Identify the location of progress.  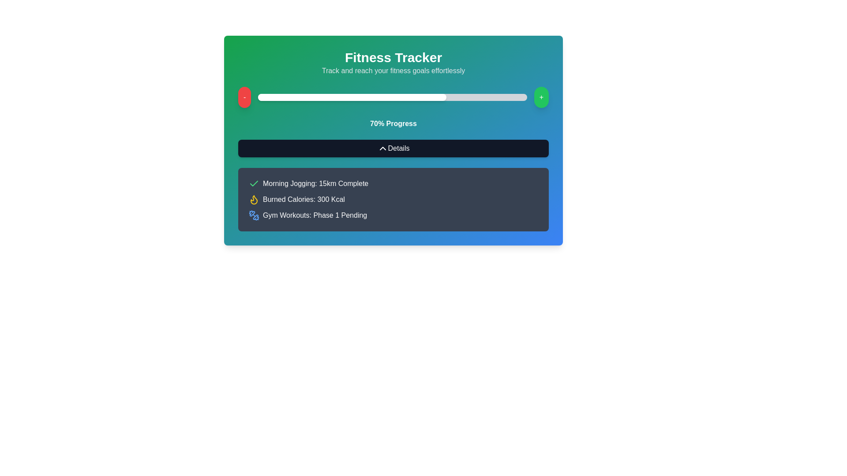
(516, 97).